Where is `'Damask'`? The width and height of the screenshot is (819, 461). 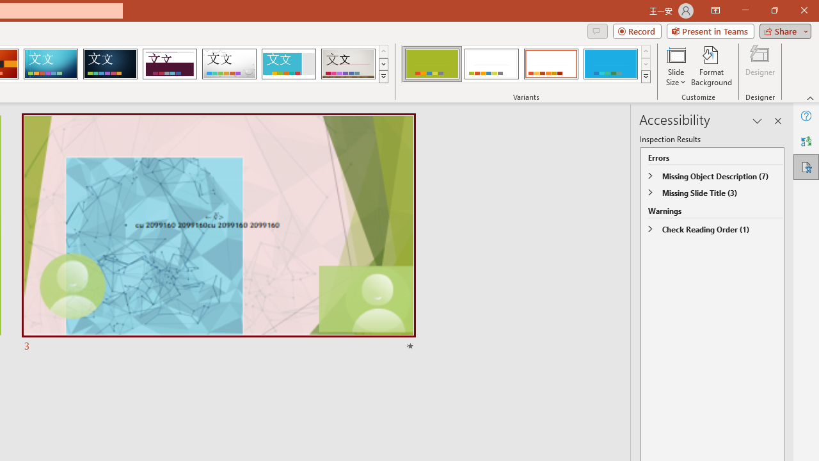
'Damask' is located at coordinates (110, 64).